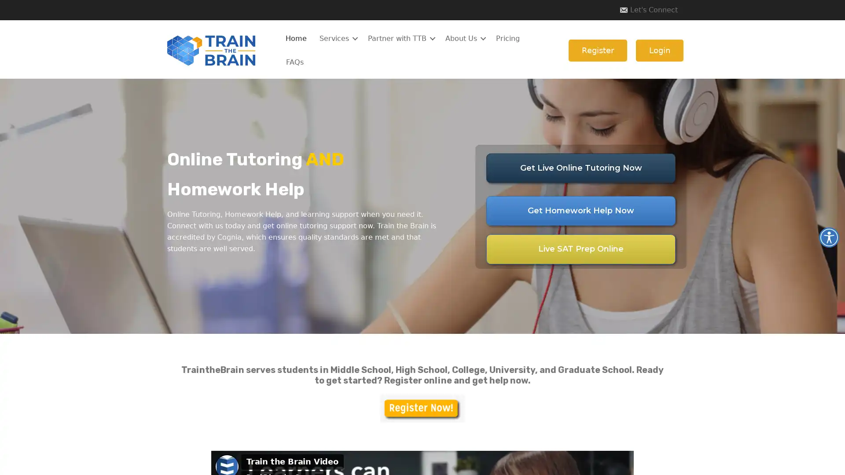  What do you see at coordinates (557, 461) in the screenshot?
I see `Accept` at bounding box center [557, 461].